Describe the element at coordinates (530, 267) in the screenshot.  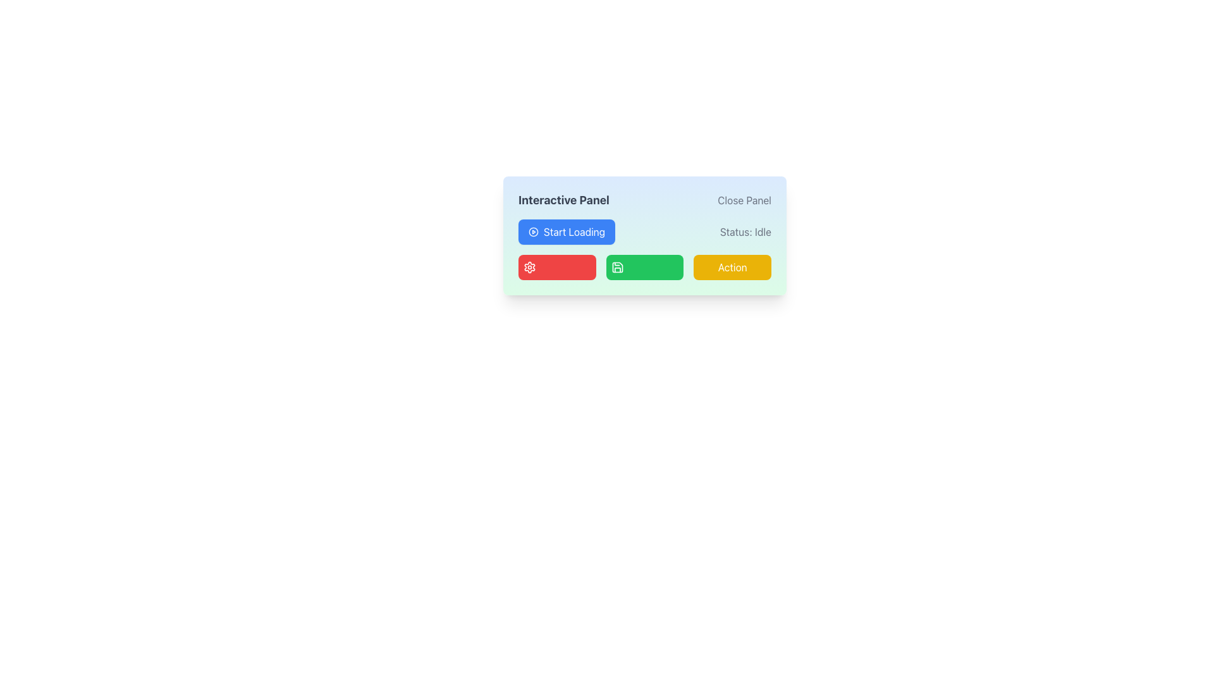
I see `the red gear-shaped icon located in the first row of interactive controls, which is the leftmost button in a horizontal group of three buttons` at that location.